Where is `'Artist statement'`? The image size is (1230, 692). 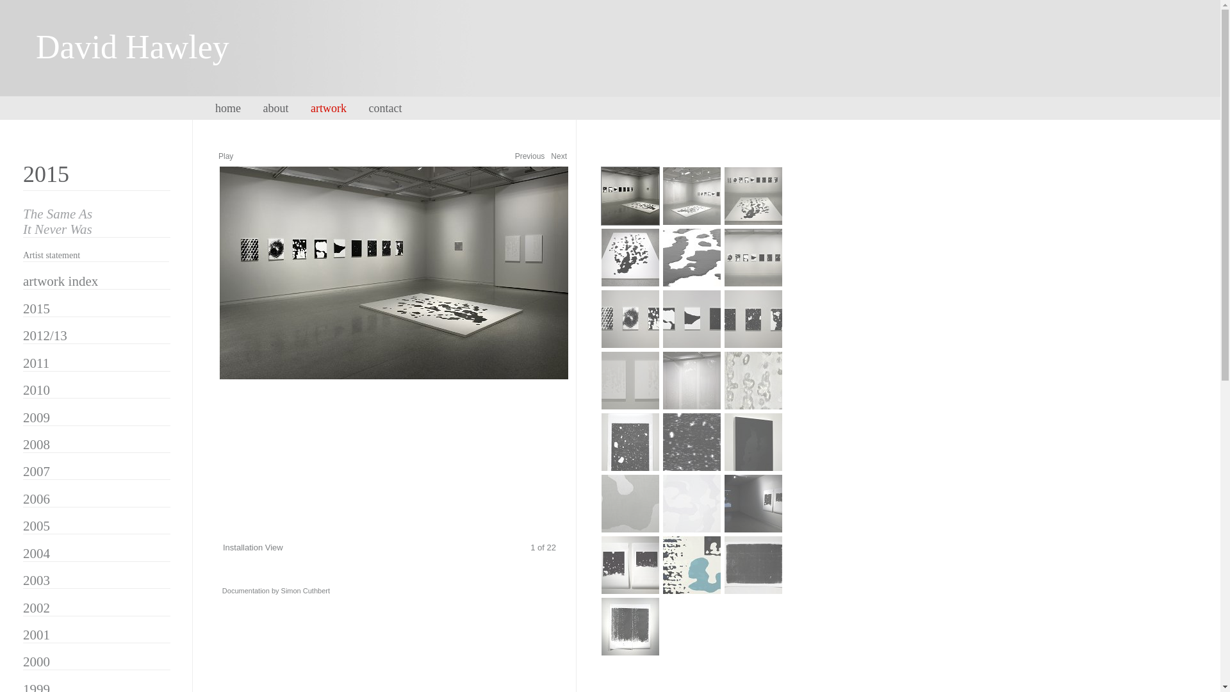 'Artist statement' is located at coordinates (51, 255).